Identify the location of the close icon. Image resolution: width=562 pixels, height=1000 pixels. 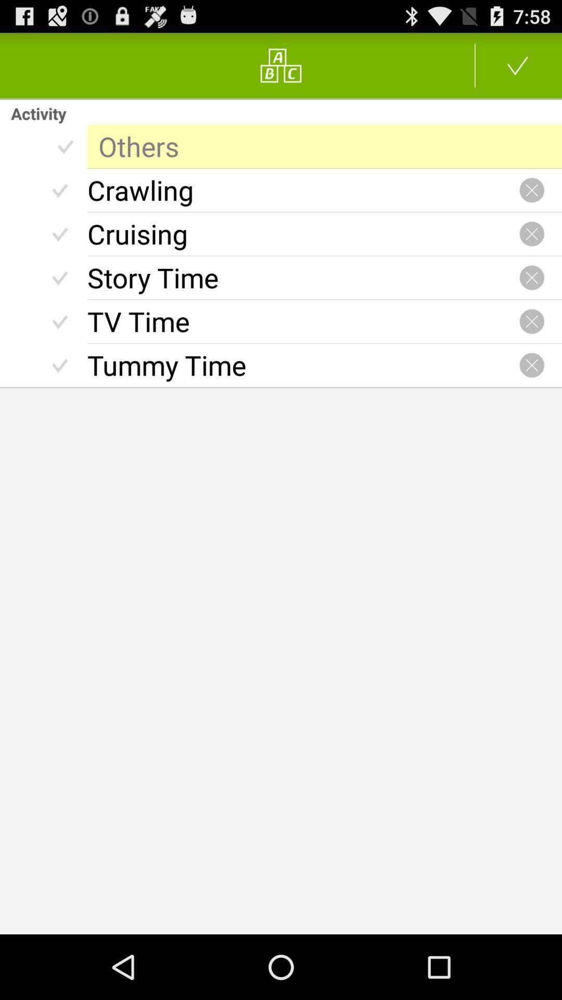
(532, 296).